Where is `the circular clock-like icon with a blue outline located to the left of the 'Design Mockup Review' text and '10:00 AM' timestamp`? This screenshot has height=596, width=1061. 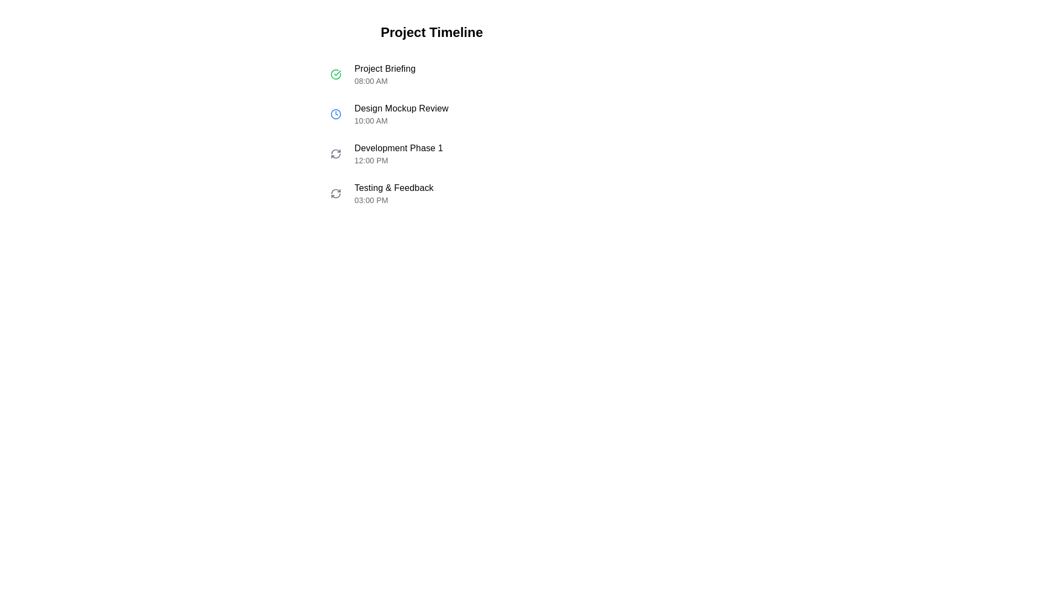
the circular clock-like icon with a blue outline located to the left of the 'Design Mockup Review' text and '10:00 AM' timestamp is located at coordinates (335, 114).